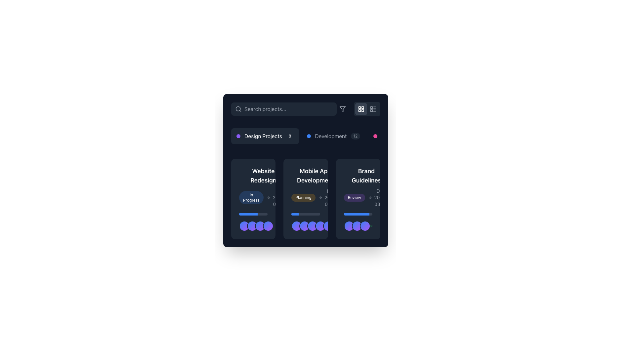  Describe the element at coordinates (366, 197) in the screenshot. I see `the 'Review' label with a purple background and white text, located below the card title in the 'Brand Guidelines' card` at that location.